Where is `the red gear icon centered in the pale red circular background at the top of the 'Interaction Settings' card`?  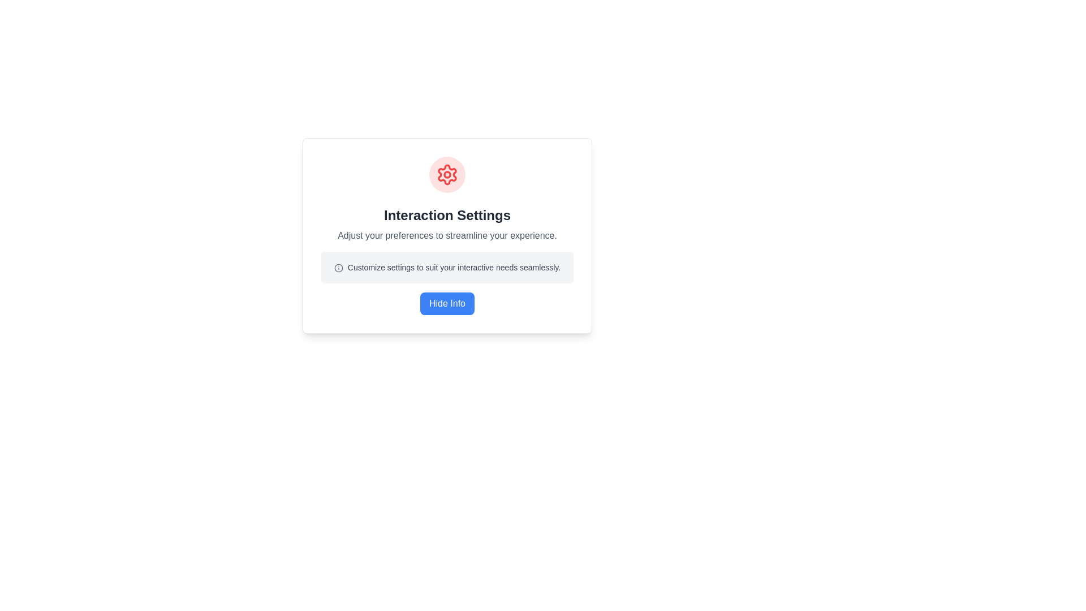 the red gear icon centered in the pale red circular background at the top of the 'Interaction Settings' card is located at coordinates (447, 174).